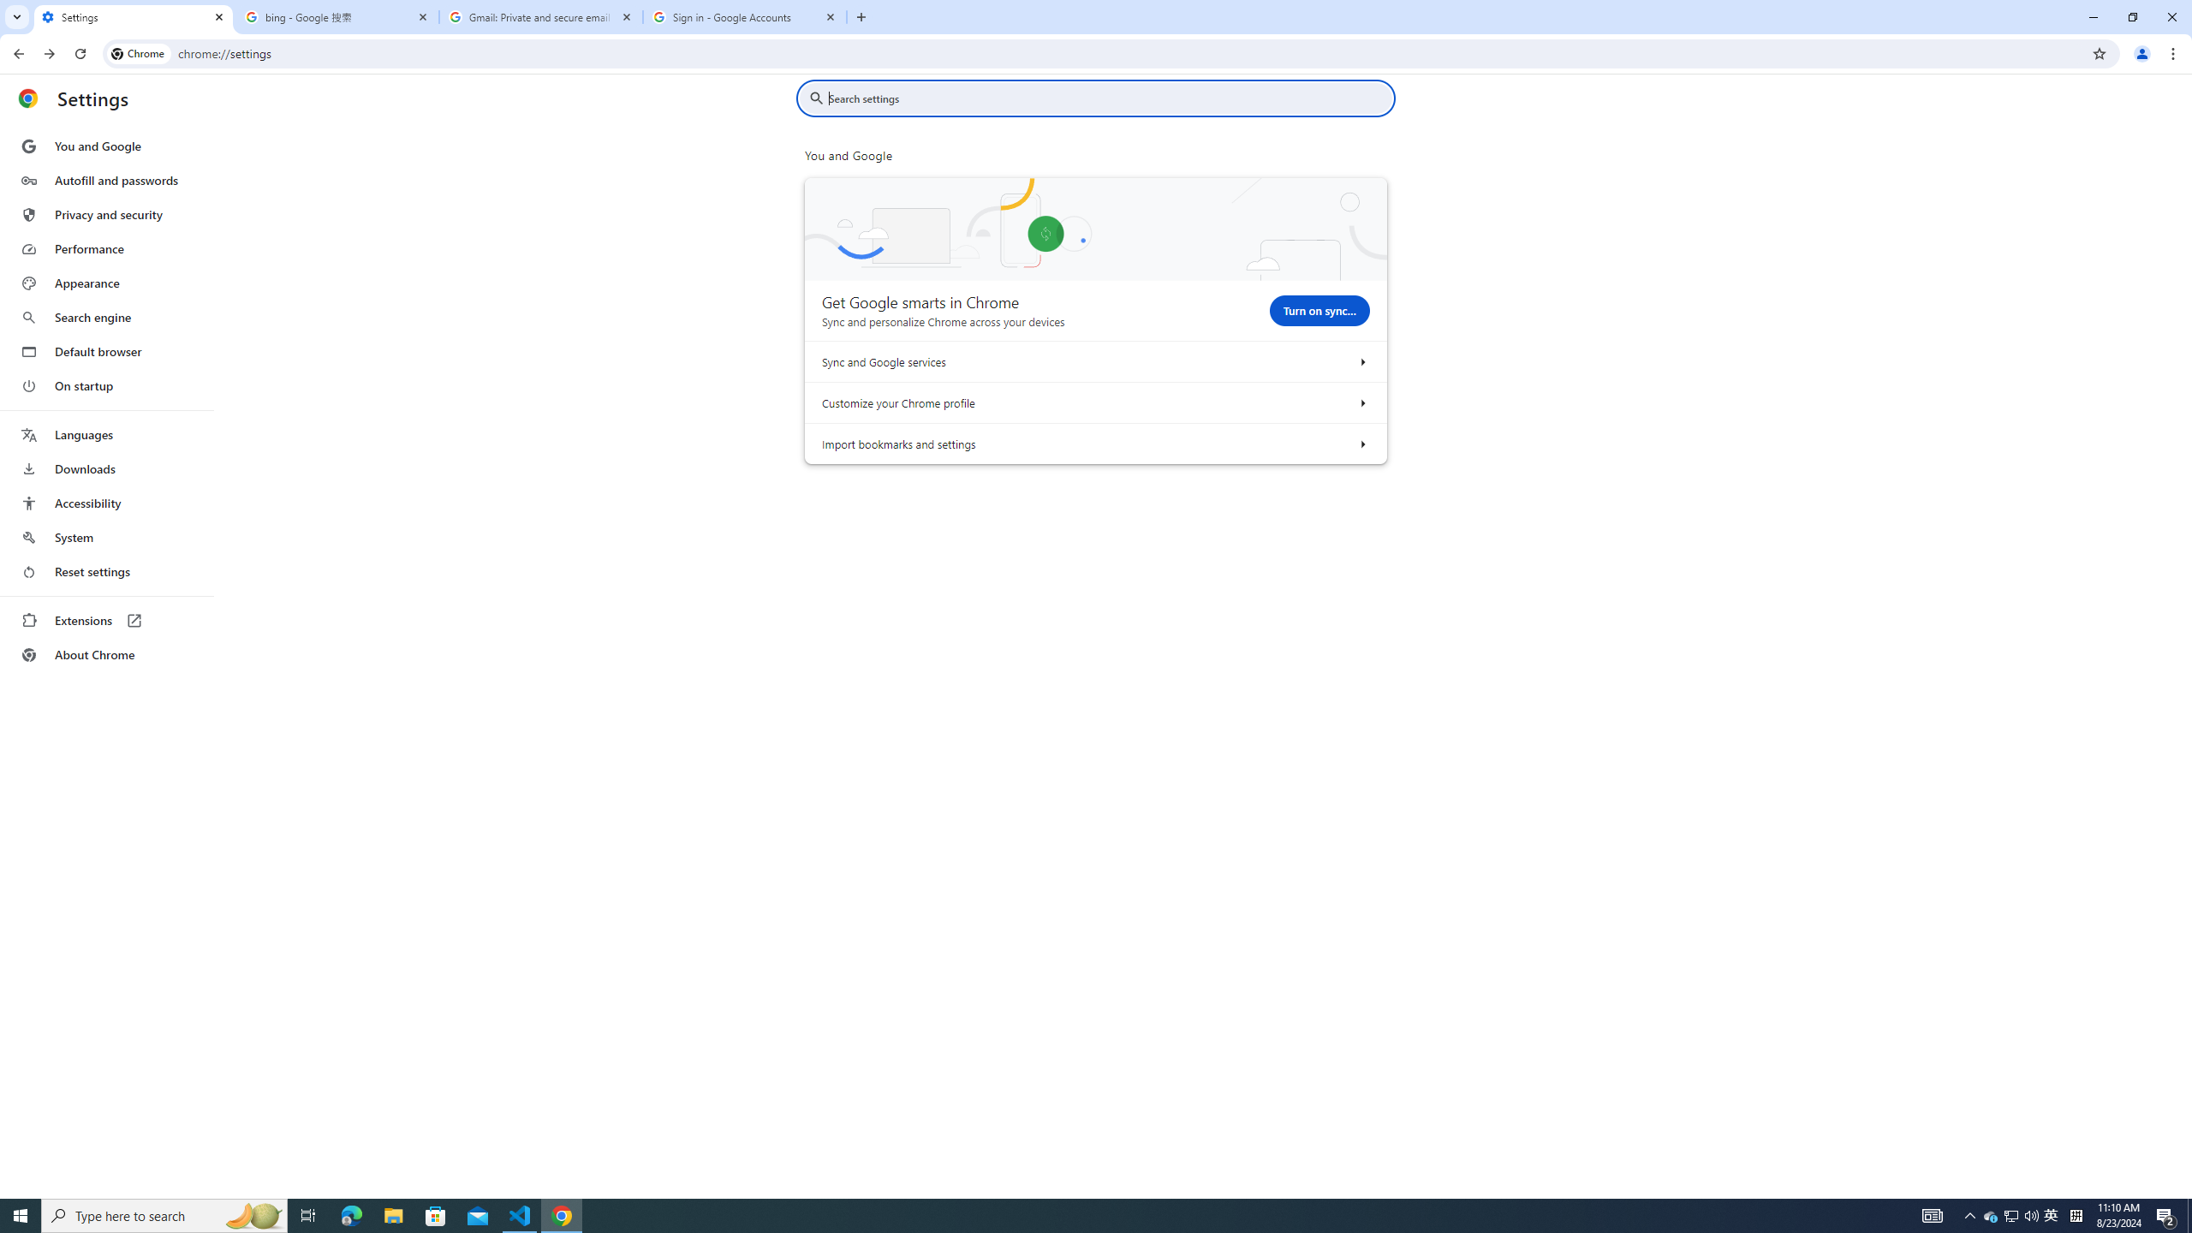 Image resolution: width=2192 pixels, height=1233 pixels. What do you see at coordinates (105, 213) in the screenshot?
I see `'Privacy and security'` at bounding box center [105, 213].